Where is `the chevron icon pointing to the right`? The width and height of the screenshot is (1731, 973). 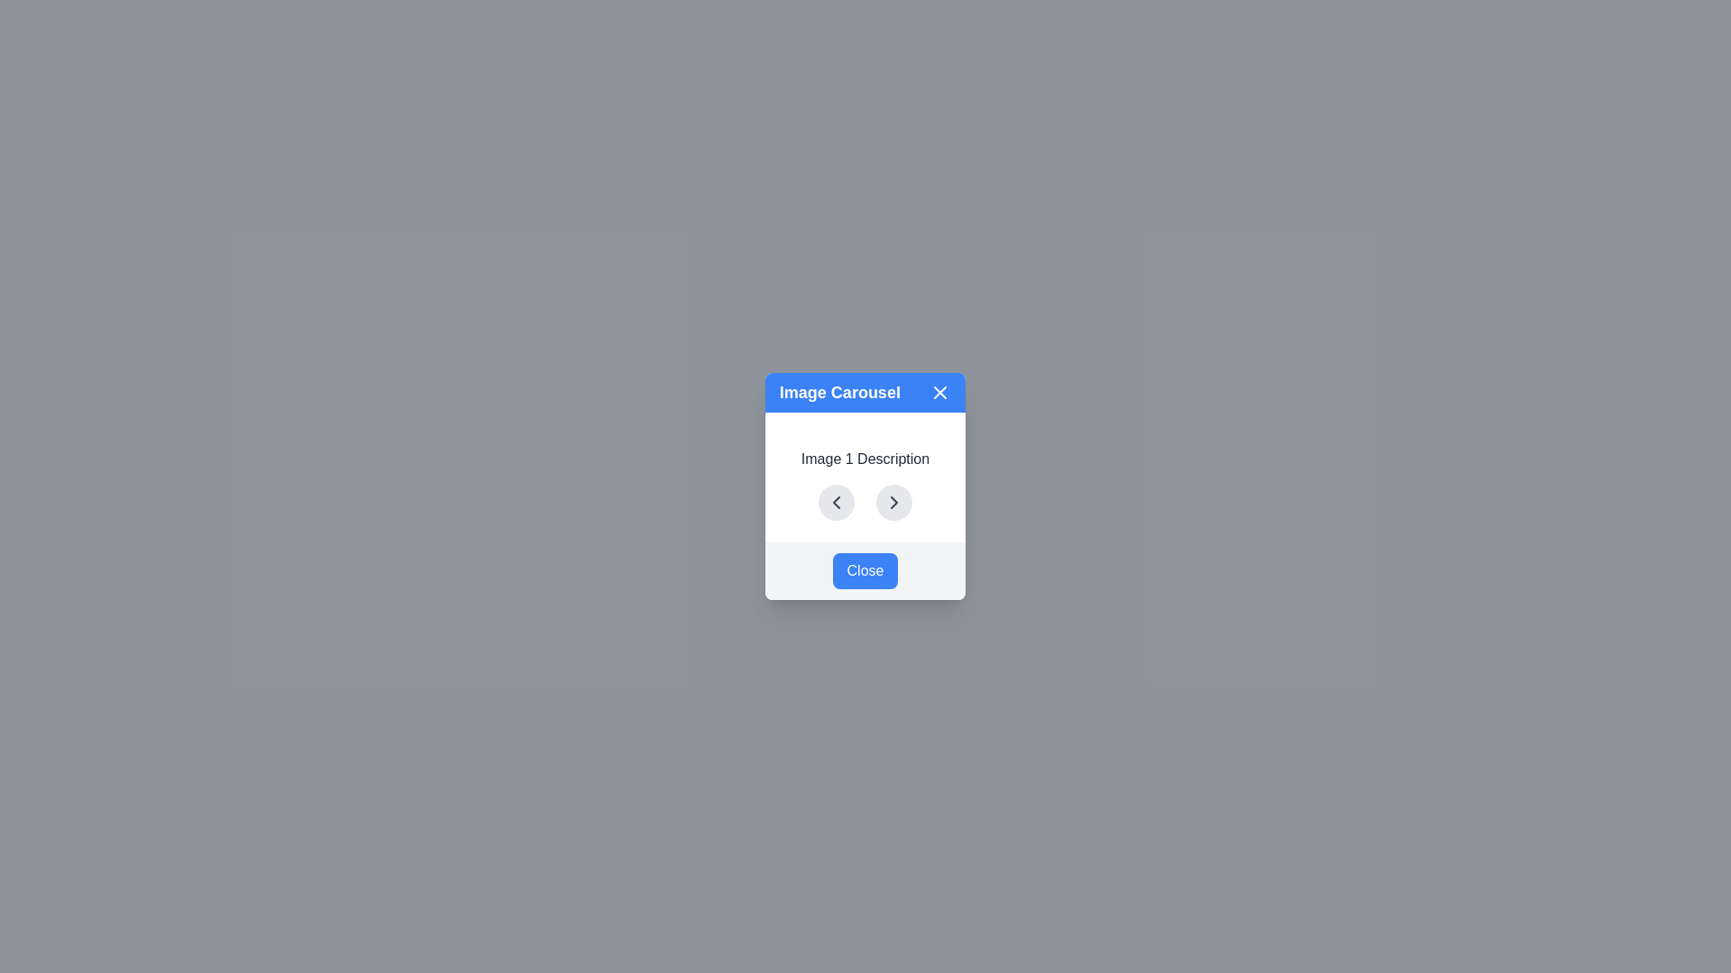
the chevron icon pointing to the right is located at coordinates (894, 503).